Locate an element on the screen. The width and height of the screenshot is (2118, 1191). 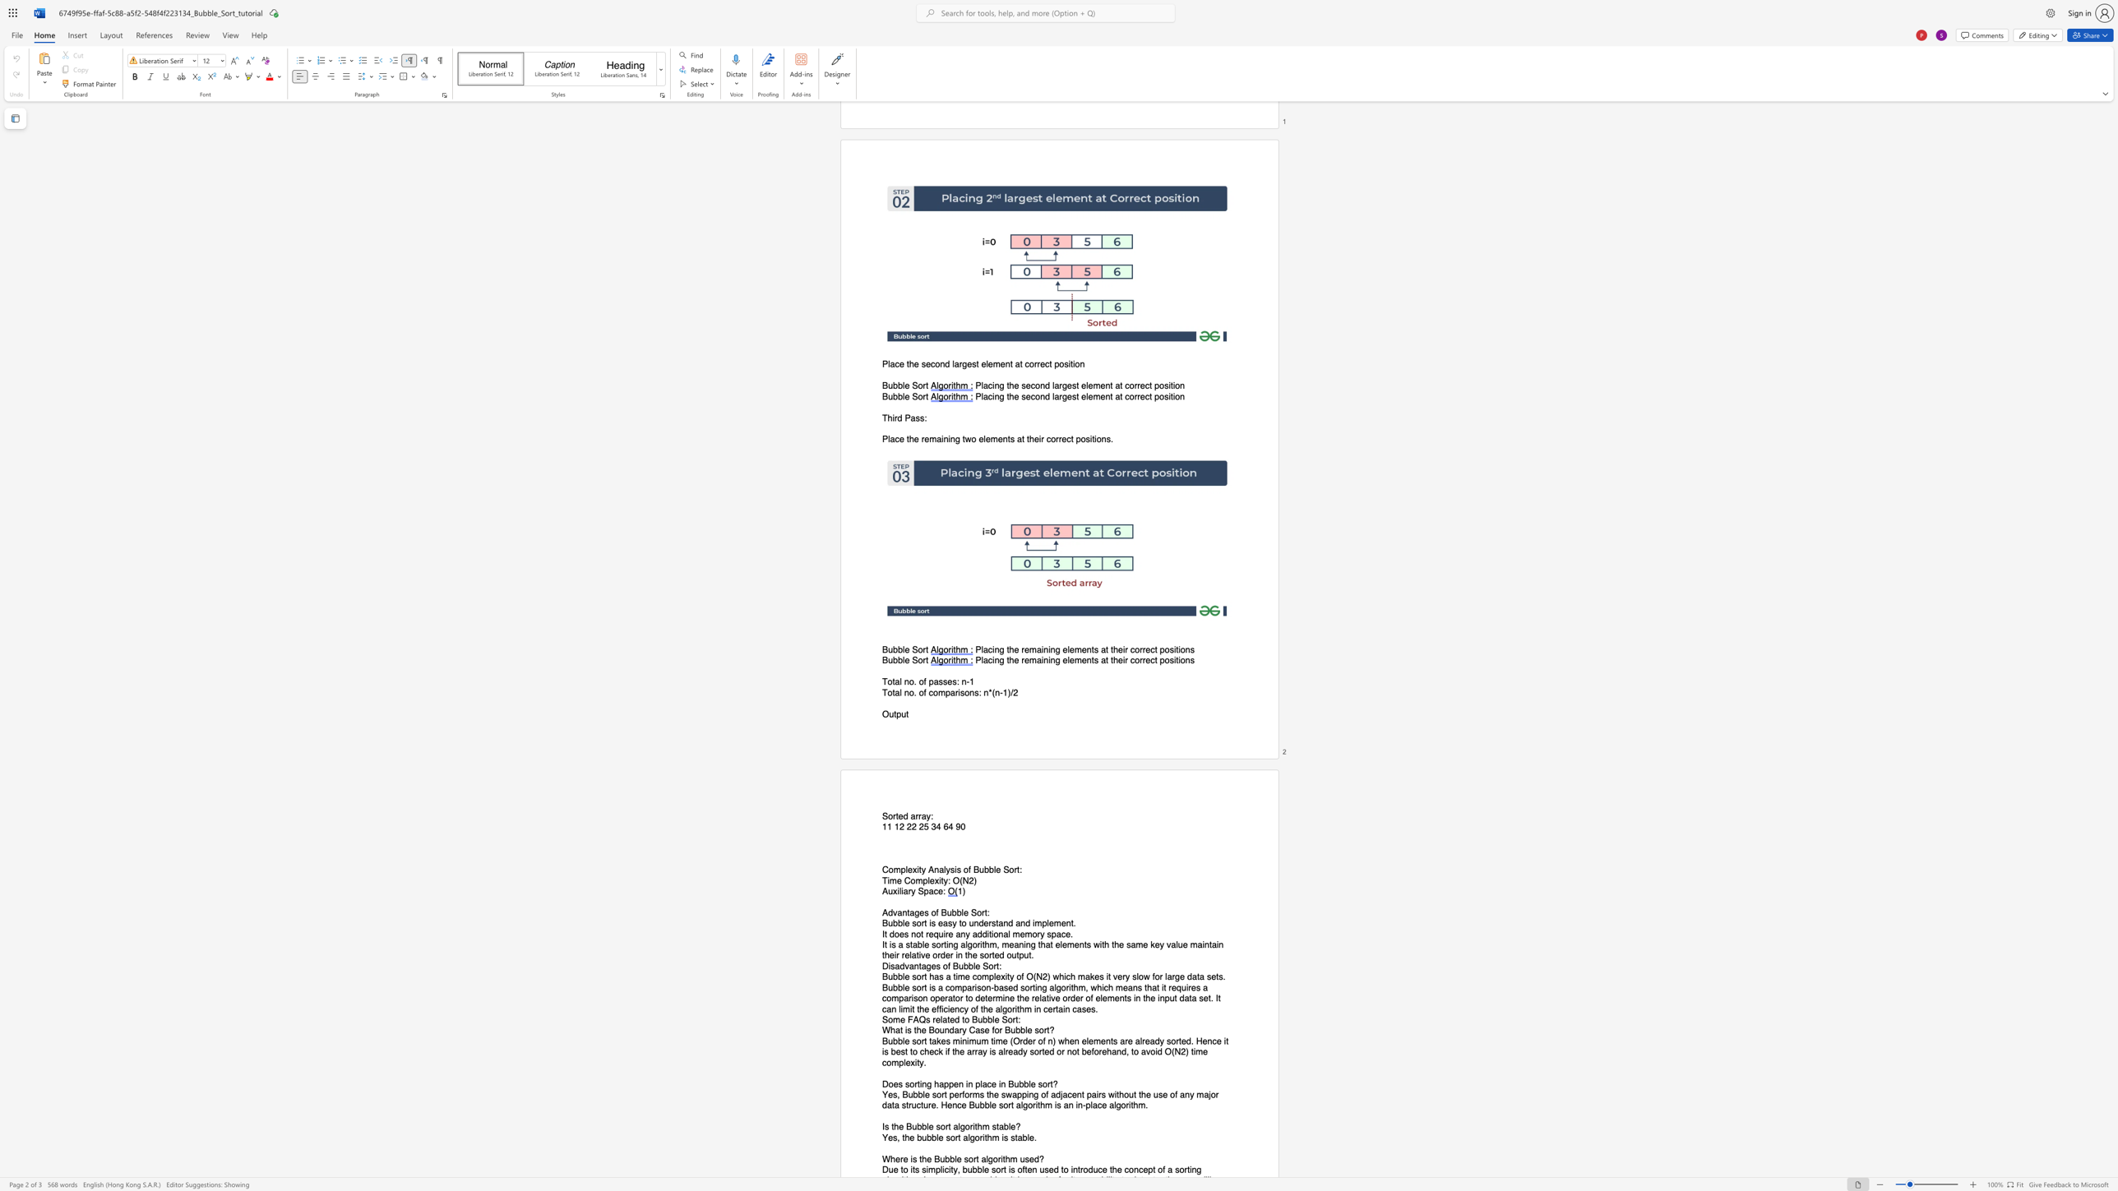
the 3th character "o" in the text is located at coordinates (1040, 1030).